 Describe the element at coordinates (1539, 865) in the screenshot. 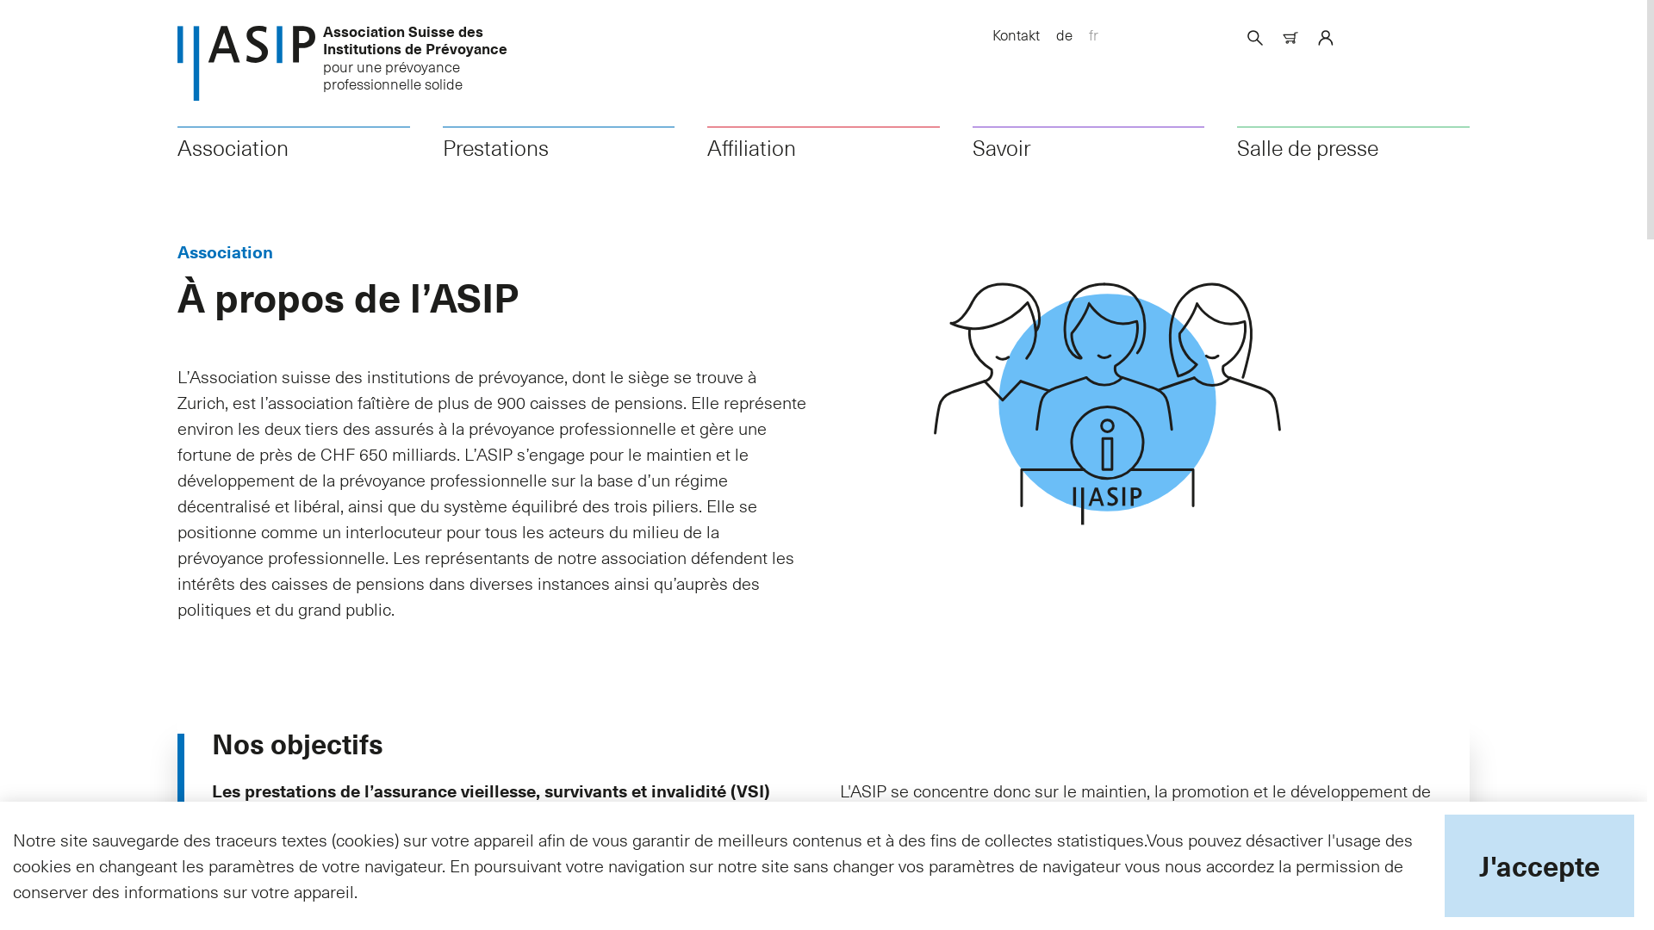

I see `'J'accepte'` at that location.